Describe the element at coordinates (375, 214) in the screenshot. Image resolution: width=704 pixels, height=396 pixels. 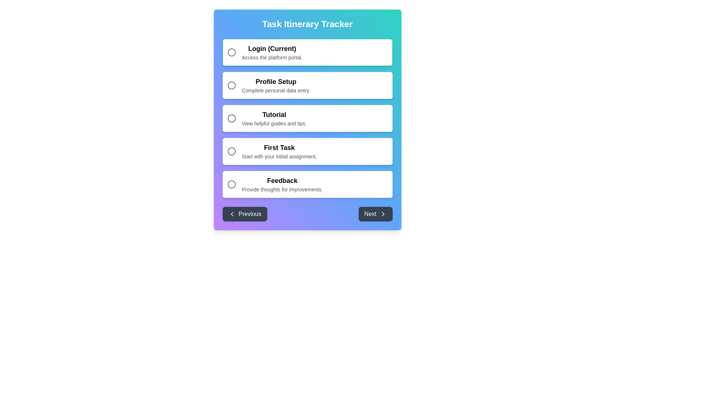
I see `the dark gray 'Next' button with rounded corners, labeled in white font, to proceed to the next step` at that location.